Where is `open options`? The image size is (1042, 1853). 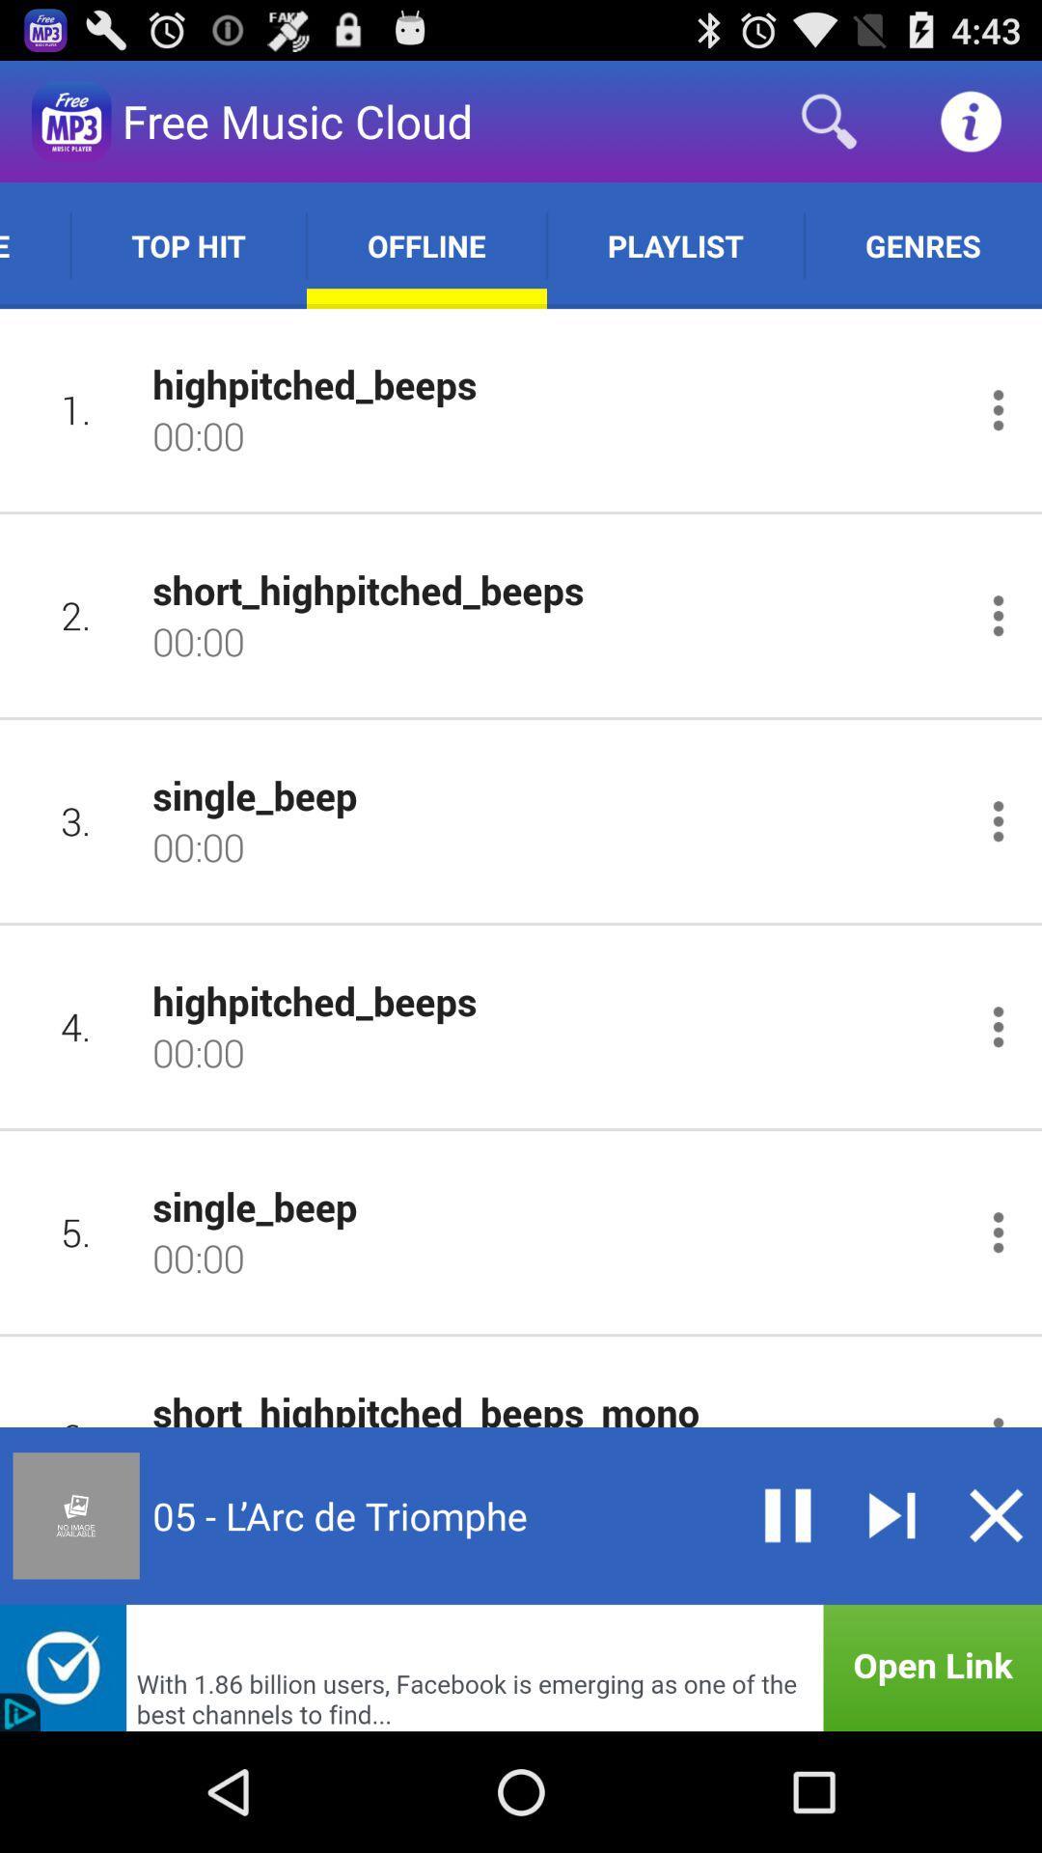 open options is located at coordinates (998, 821).